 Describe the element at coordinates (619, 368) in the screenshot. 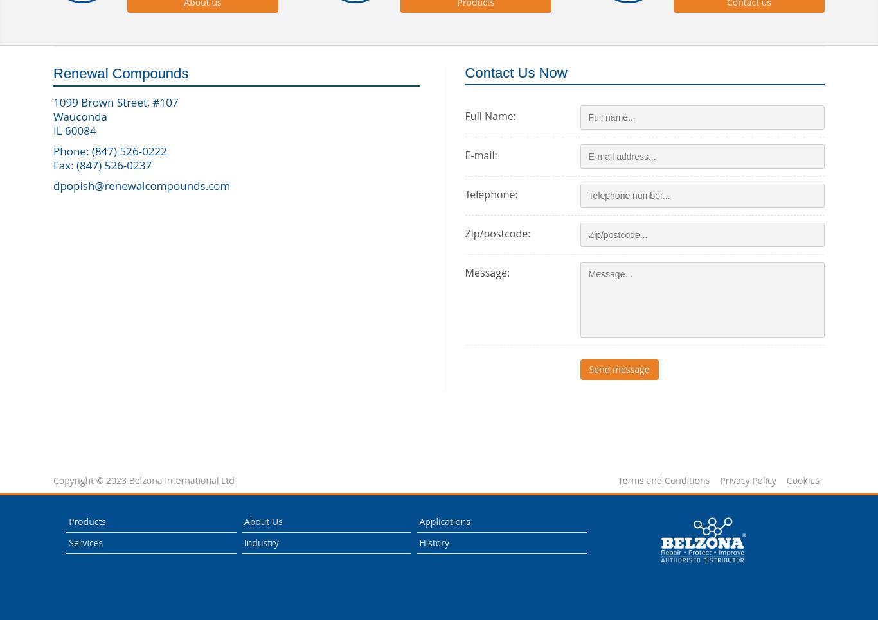

I see `'Send message'` at that location.